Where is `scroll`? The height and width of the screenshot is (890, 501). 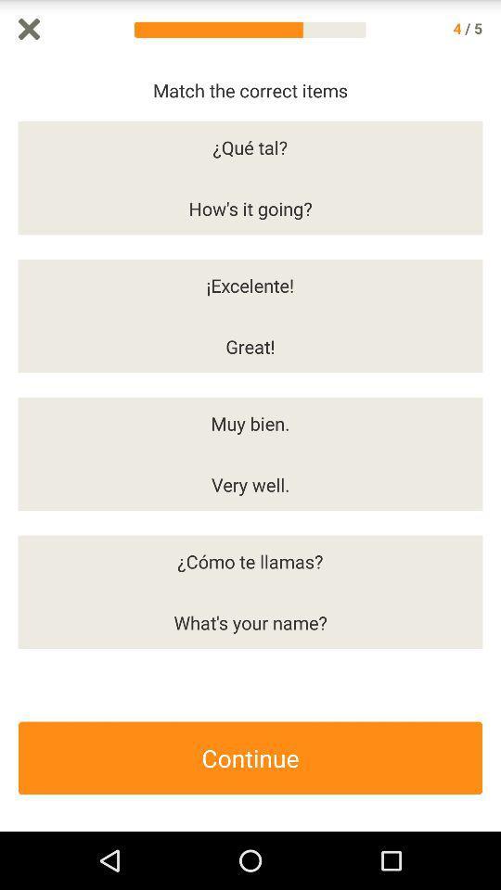 scroll is located at coordinates (492, 445).